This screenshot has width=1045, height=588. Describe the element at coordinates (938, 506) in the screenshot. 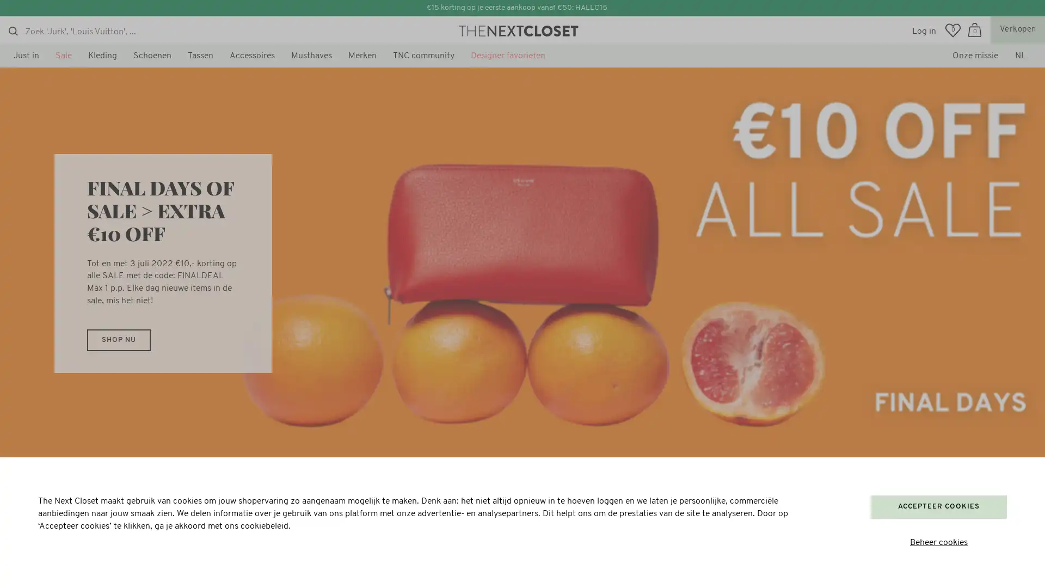

I see `ACCEPTEER COOKIES` at that location.